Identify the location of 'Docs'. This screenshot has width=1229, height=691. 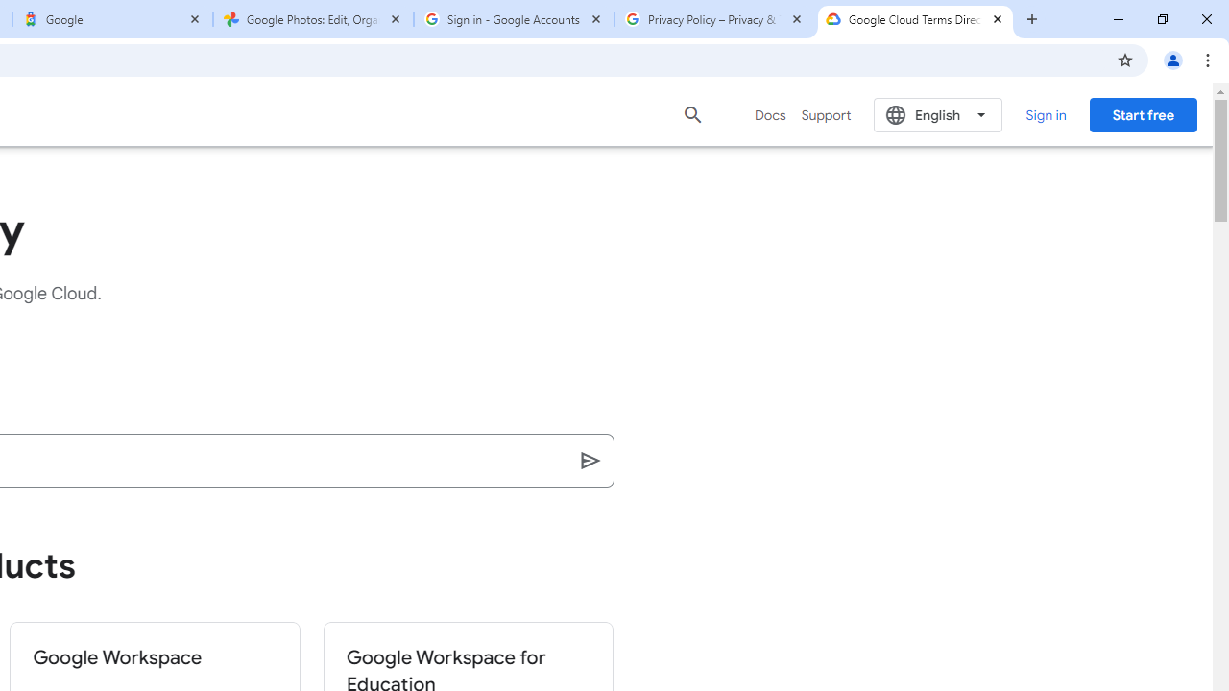
(770, 114).